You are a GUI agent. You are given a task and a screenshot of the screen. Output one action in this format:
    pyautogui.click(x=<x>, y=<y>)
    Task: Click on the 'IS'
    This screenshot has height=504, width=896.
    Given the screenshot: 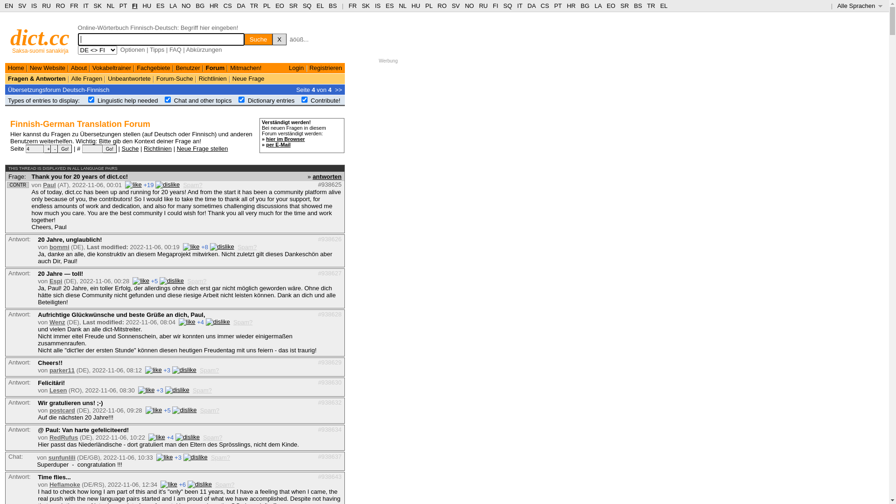 What is the action you would take?
    pyautogui.click(x=378, y=6)
    